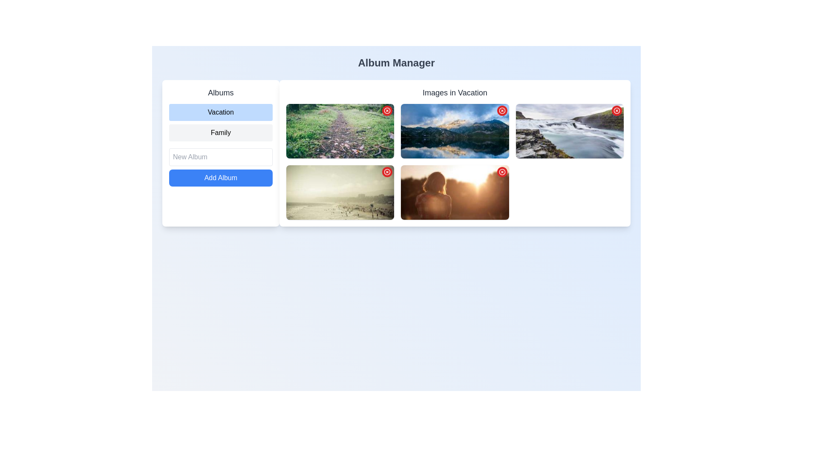 The image size is (818, 460). What do you see at coordinates (221, 123) in the screenshot?
I see `the 'Vacation' section of the grouped selectable items located under the 'Albums' heading in the left-side panel` at bounding box center [221, 123].